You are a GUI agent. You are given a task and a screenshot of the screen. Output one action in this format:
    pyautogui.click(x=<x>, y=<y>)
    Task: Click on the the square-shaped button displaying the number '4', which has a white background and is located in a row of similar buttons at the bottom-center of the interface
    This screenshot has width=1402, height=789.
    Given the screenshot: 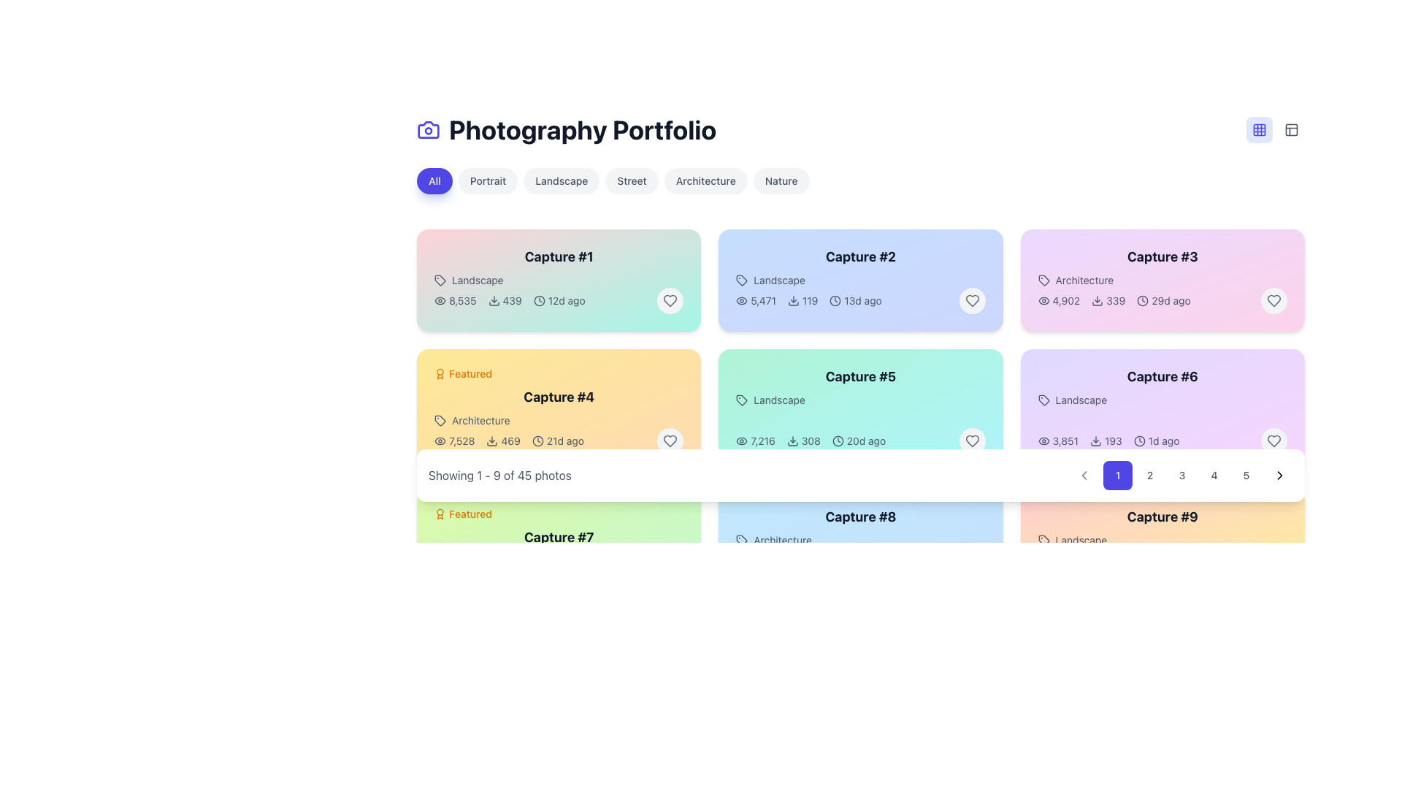 What is the action you would take?
    pyautogui.click(x=1214, y=476)
    